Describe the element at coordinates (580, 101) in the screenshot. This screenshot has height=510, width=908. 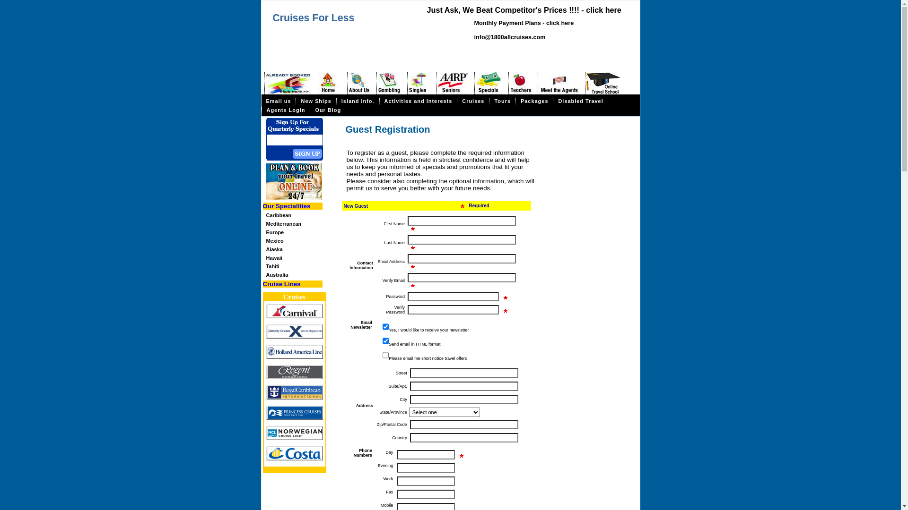
I see `'Disabled Travel'` at that location.